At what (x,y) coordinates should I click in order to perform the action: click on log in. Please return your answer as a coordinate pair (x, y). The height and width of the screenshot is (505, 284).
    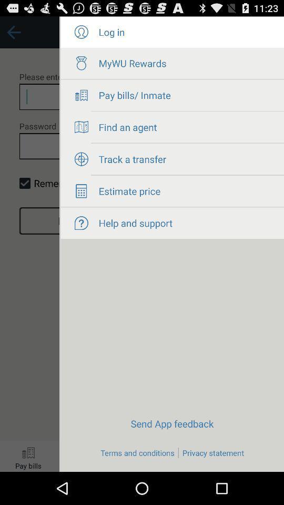
    Looking at the image, I should click on (80, 32).